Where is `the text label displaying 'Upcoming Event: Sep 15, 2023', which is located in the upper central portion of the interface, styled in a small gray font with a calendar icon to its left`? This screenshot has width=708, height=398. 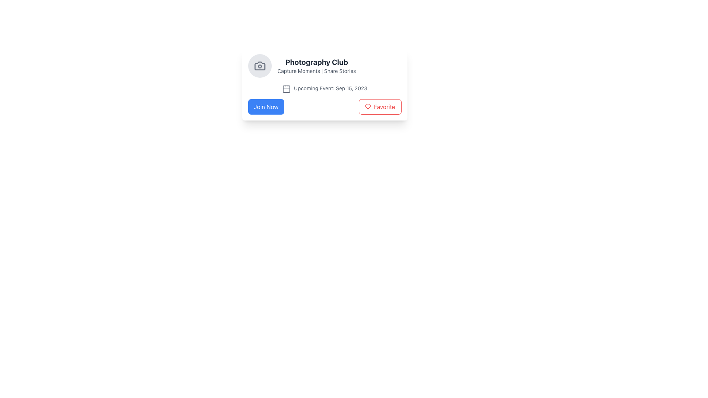
the text label displaying 'Upcoming Event: Sep 15, 2023', which is located in the upper central portion of the interface, styled in a small gray font with a calendar icon to its left is located at coordinates (330, 88).